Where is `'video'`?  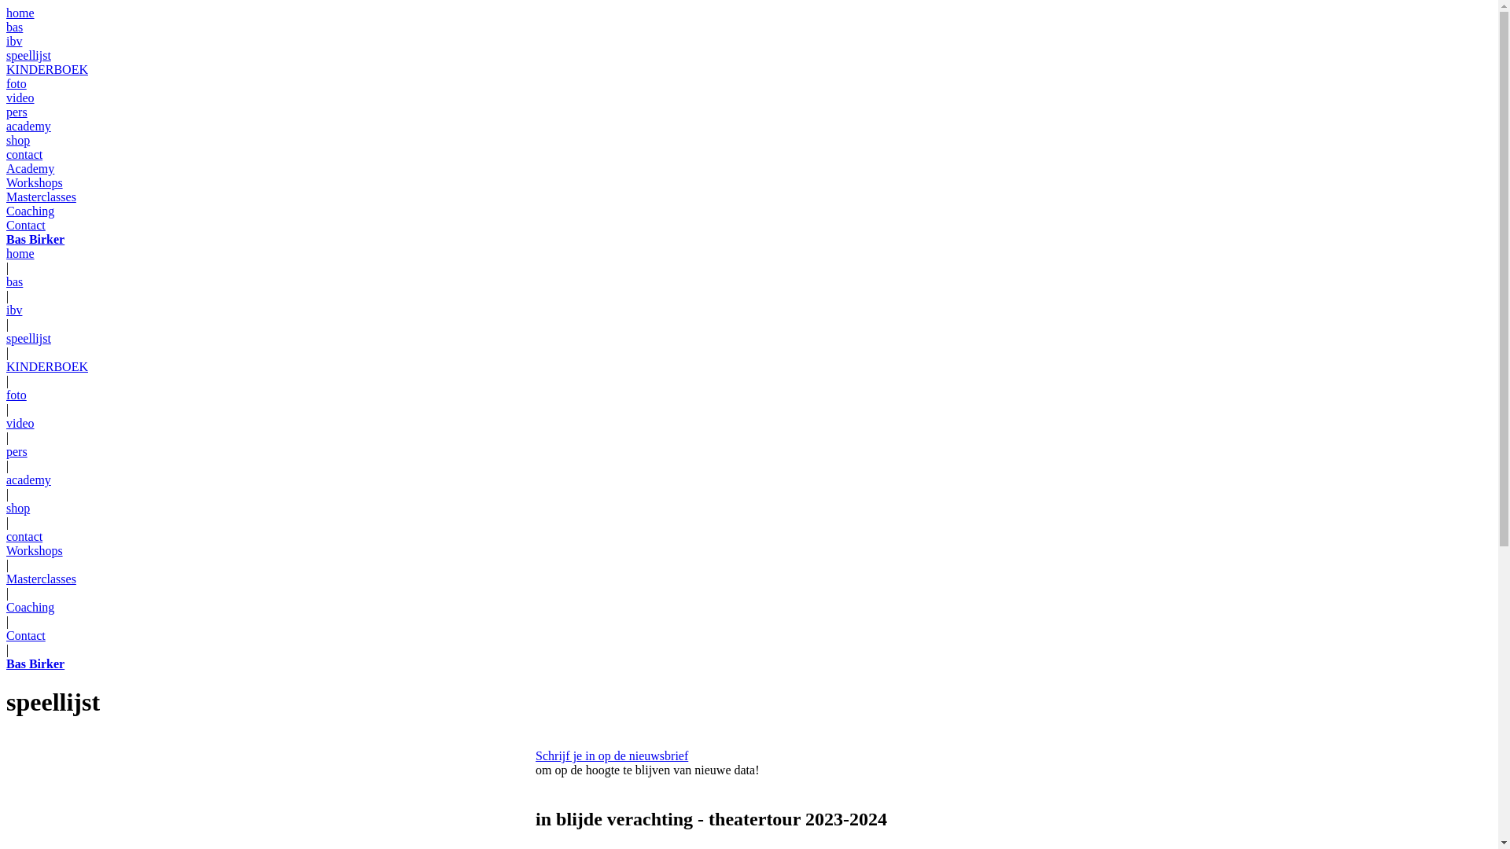
'video' is located at coordinates (20, 97).